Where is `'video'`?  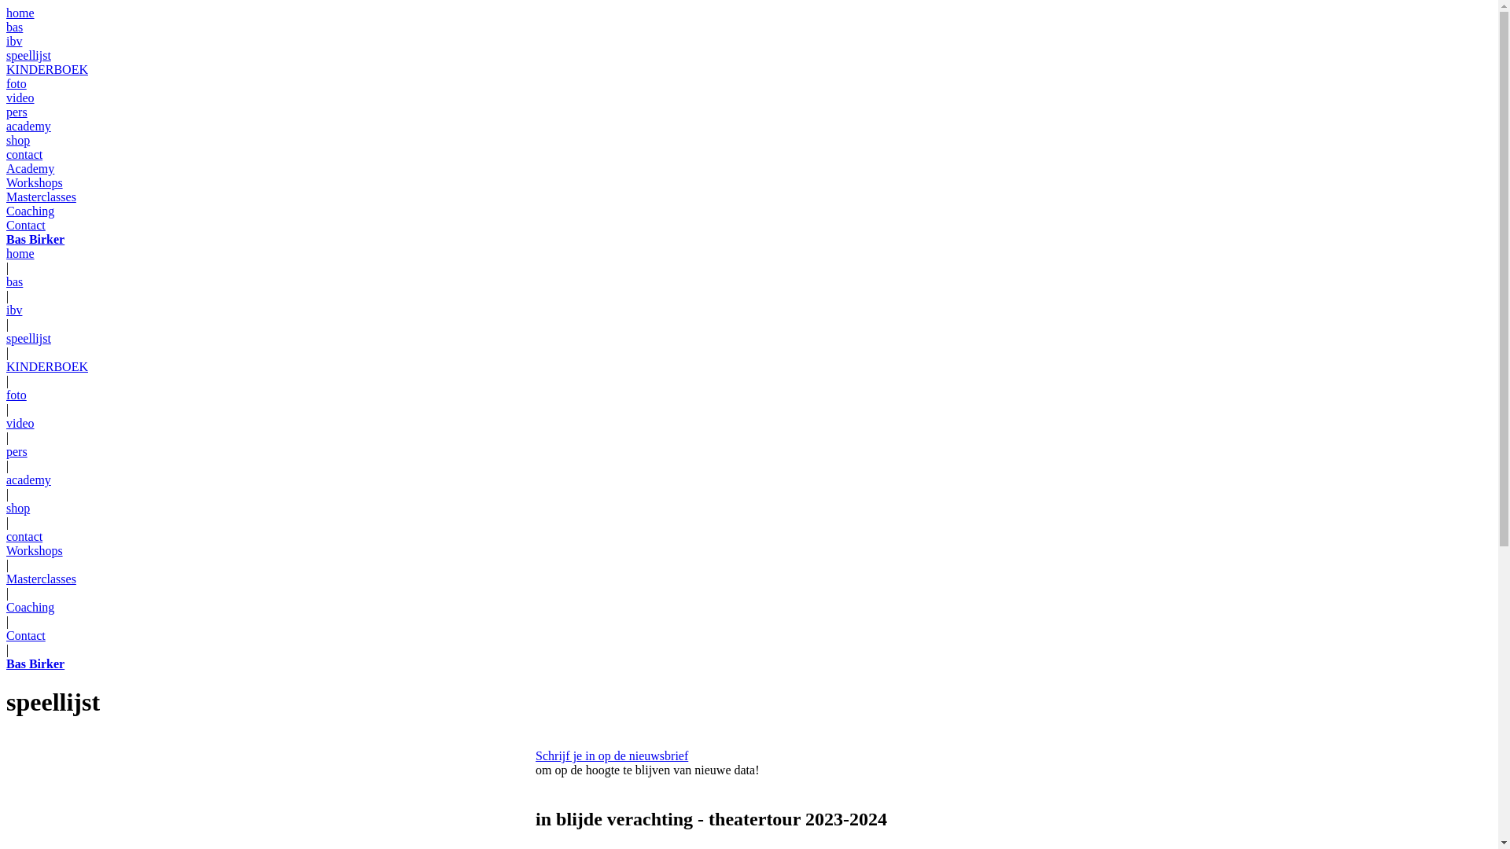
'video' is located at coordinates (20, 97).